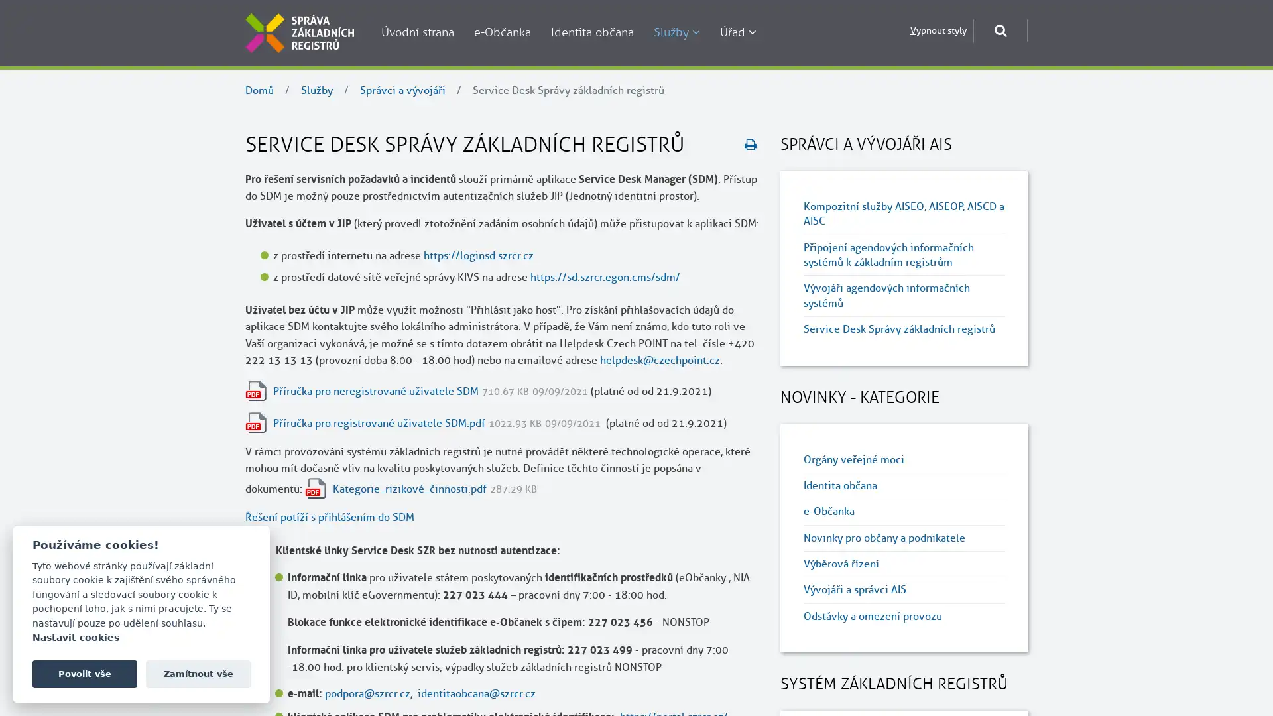 The height and width of the screenshot is (716, 1273). I want to click on Povolit vse, so click(84, 673).